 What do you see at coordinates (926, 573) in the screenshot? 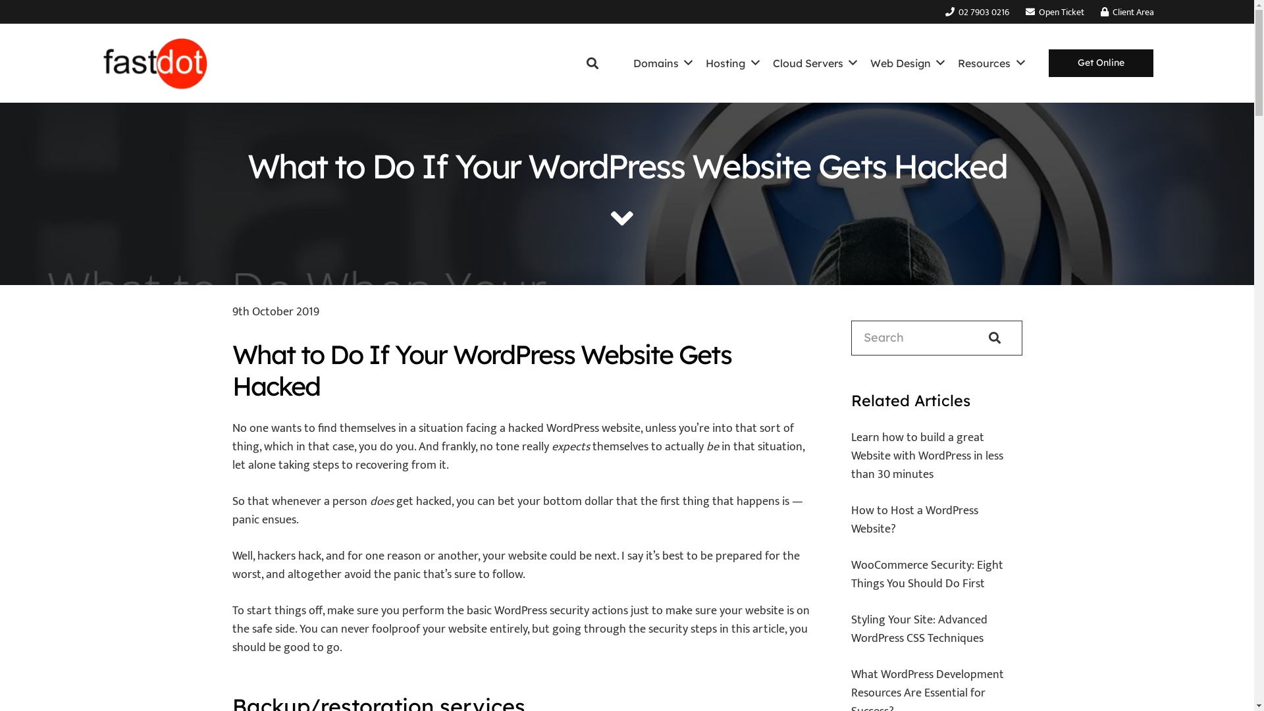
I see `'WooCommerce Security: Eight Things You Should Do First'` at bounding box center [926, 573].